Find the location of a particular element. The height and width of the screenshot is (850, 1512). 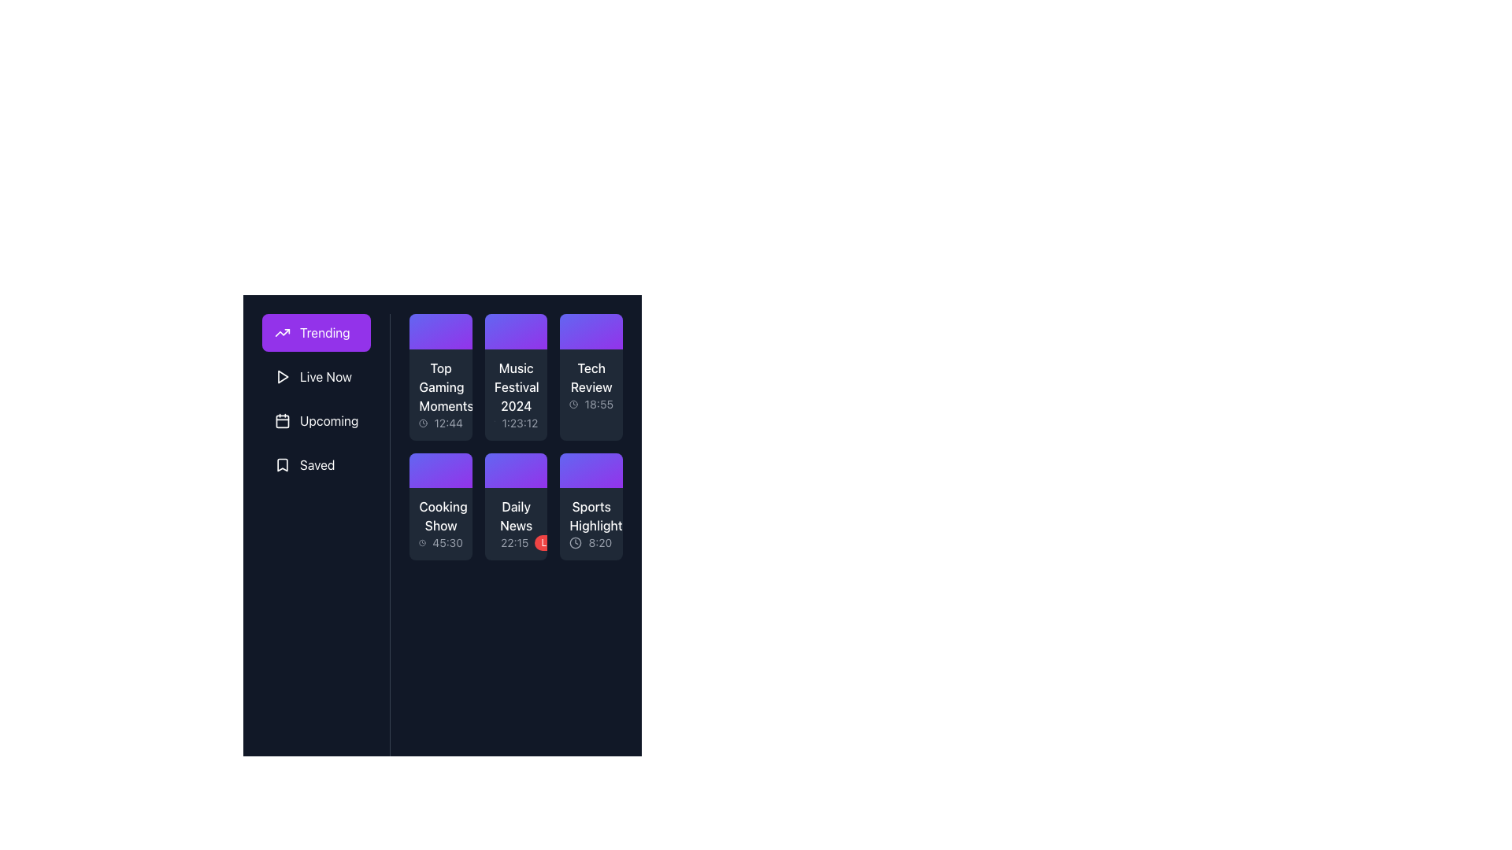

the 'Upcoming' button, which is styled as a horizontal button group item with a calendar icon on the left and a dark background, located in the sidebar below the 'Live Now' button is located at coordinates (316, 420).